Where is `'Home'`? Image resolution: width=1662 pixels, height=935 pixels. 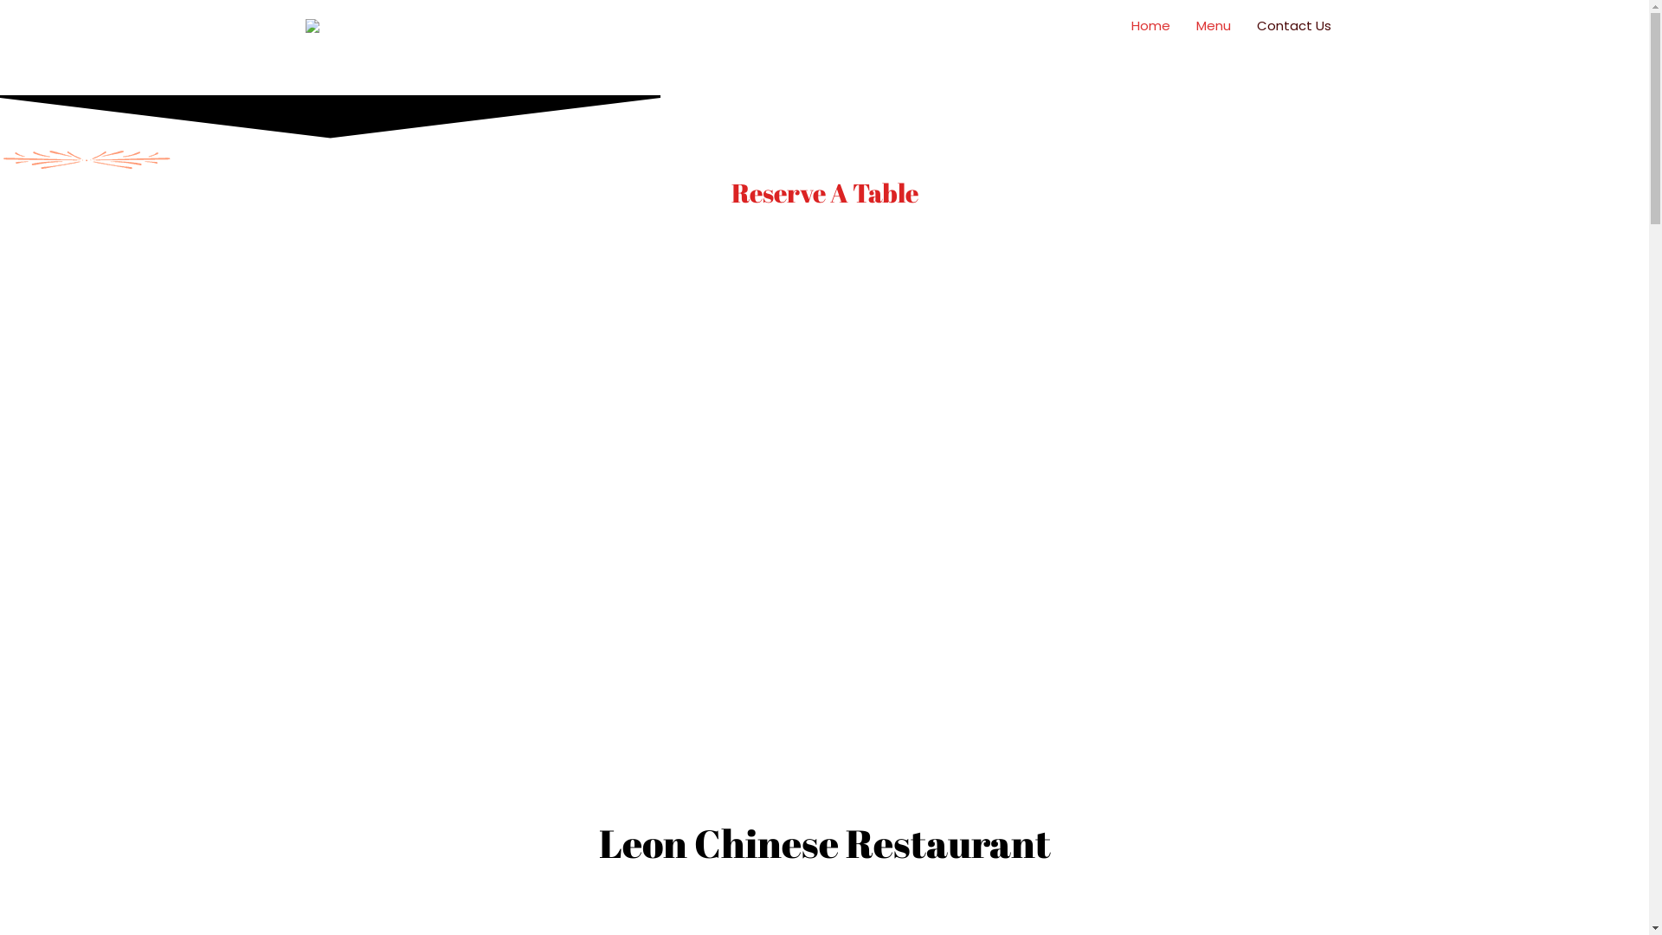 'Home' is located at coordinates (1150, 26).